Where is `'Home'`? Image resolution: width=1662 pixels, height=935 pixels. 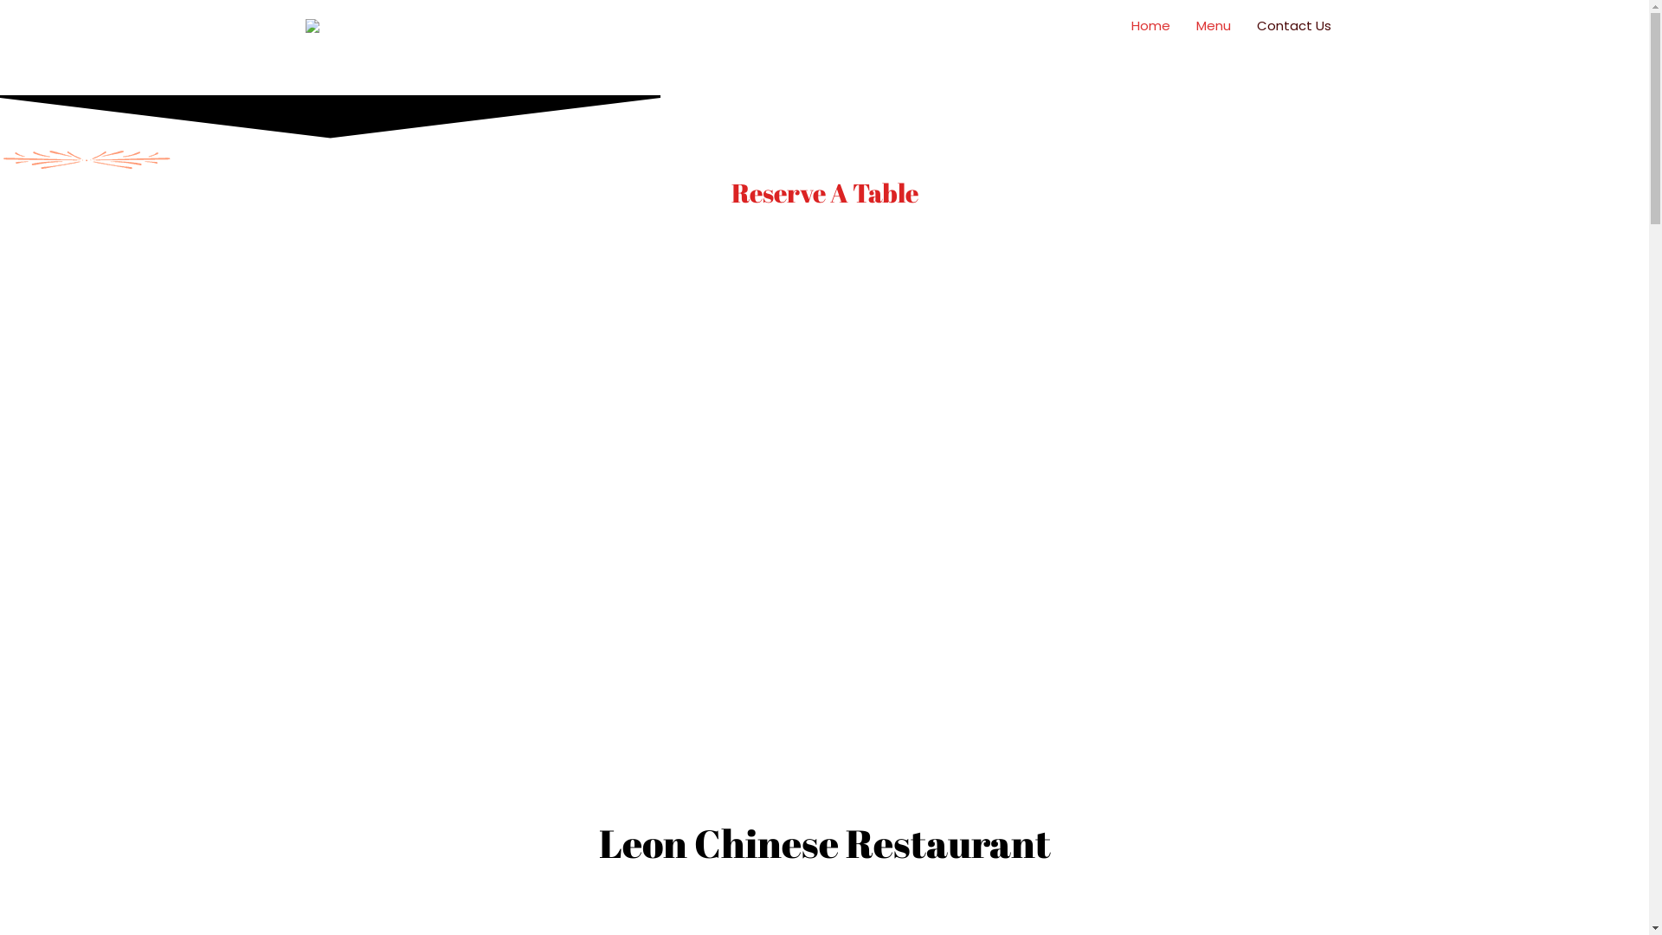 'Home' is located at coordinates (1150, 26).